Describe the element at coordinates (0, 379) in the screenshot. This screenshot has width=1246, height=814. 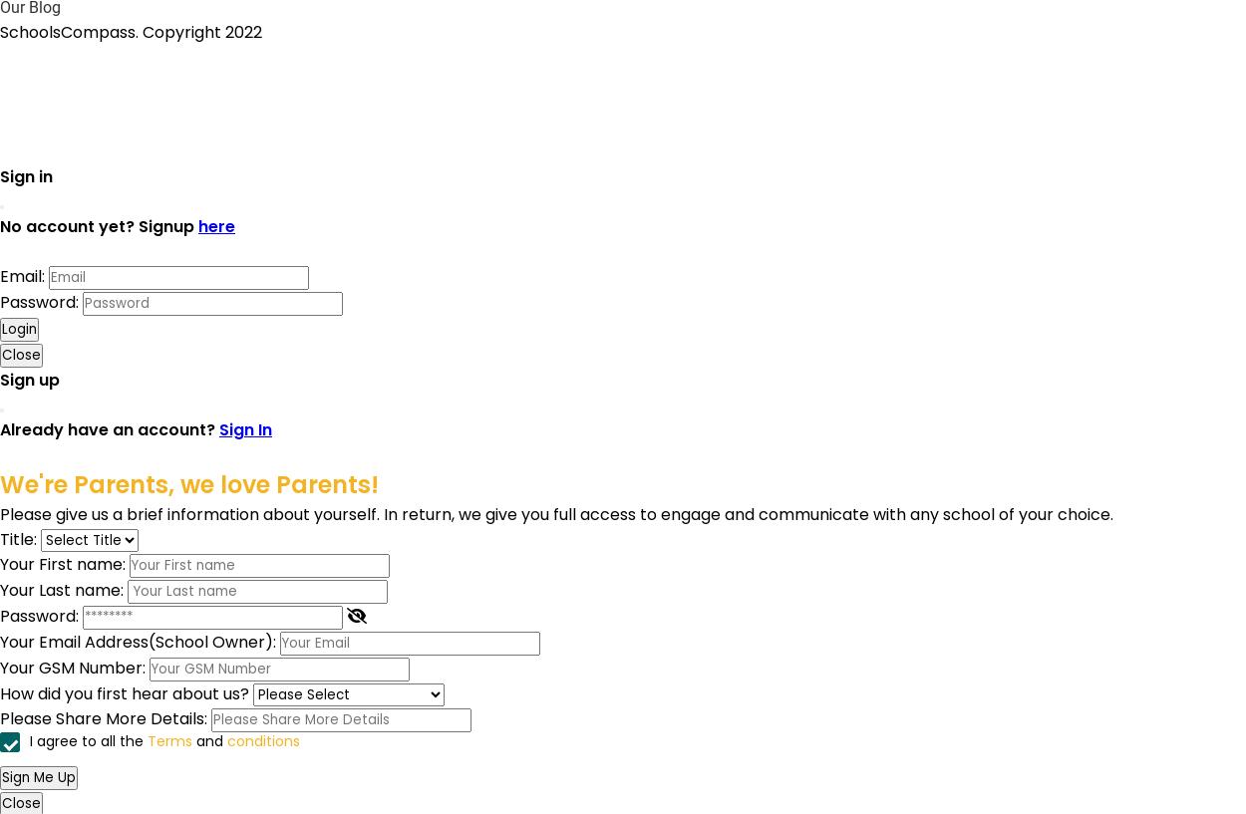
I see `'Sign up'` at that location.